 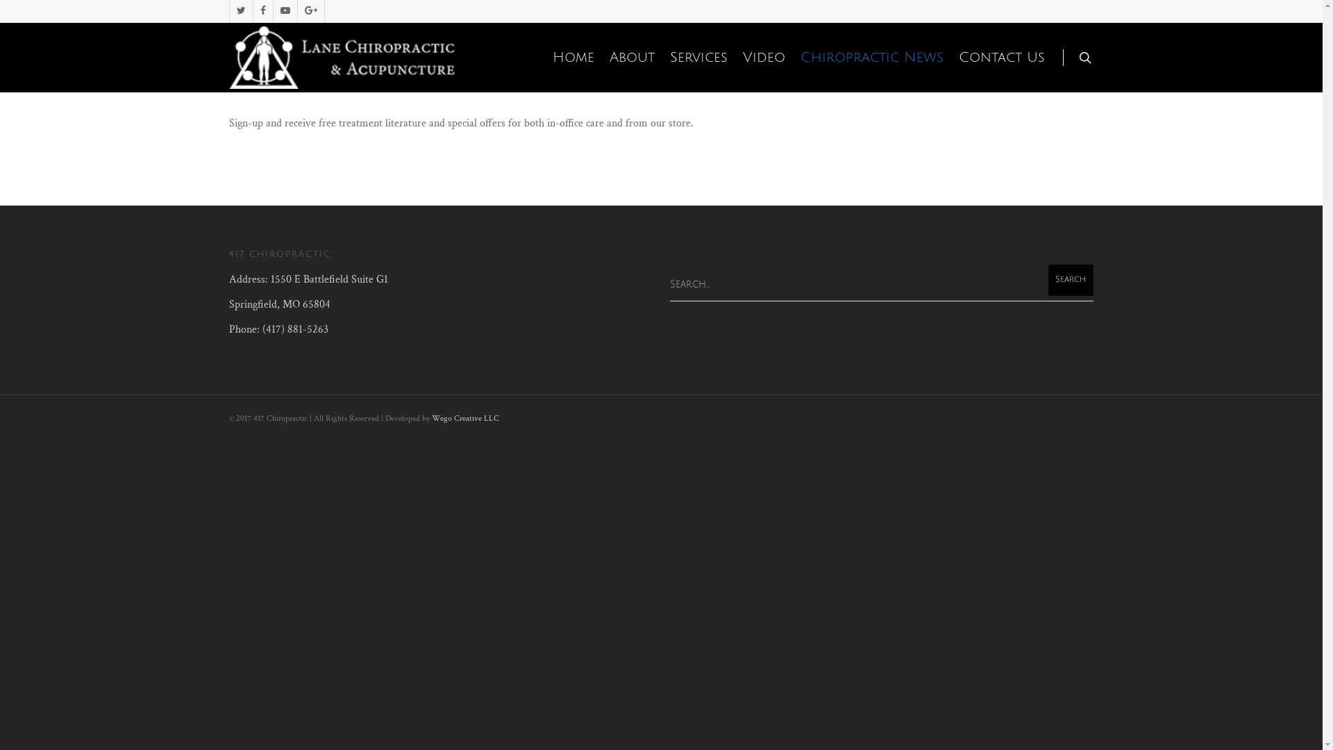 What do you see at coordinates (431, 417) in the screenshot?
I see `'Wego Creative LLC'` at bounding box center [431, 417].